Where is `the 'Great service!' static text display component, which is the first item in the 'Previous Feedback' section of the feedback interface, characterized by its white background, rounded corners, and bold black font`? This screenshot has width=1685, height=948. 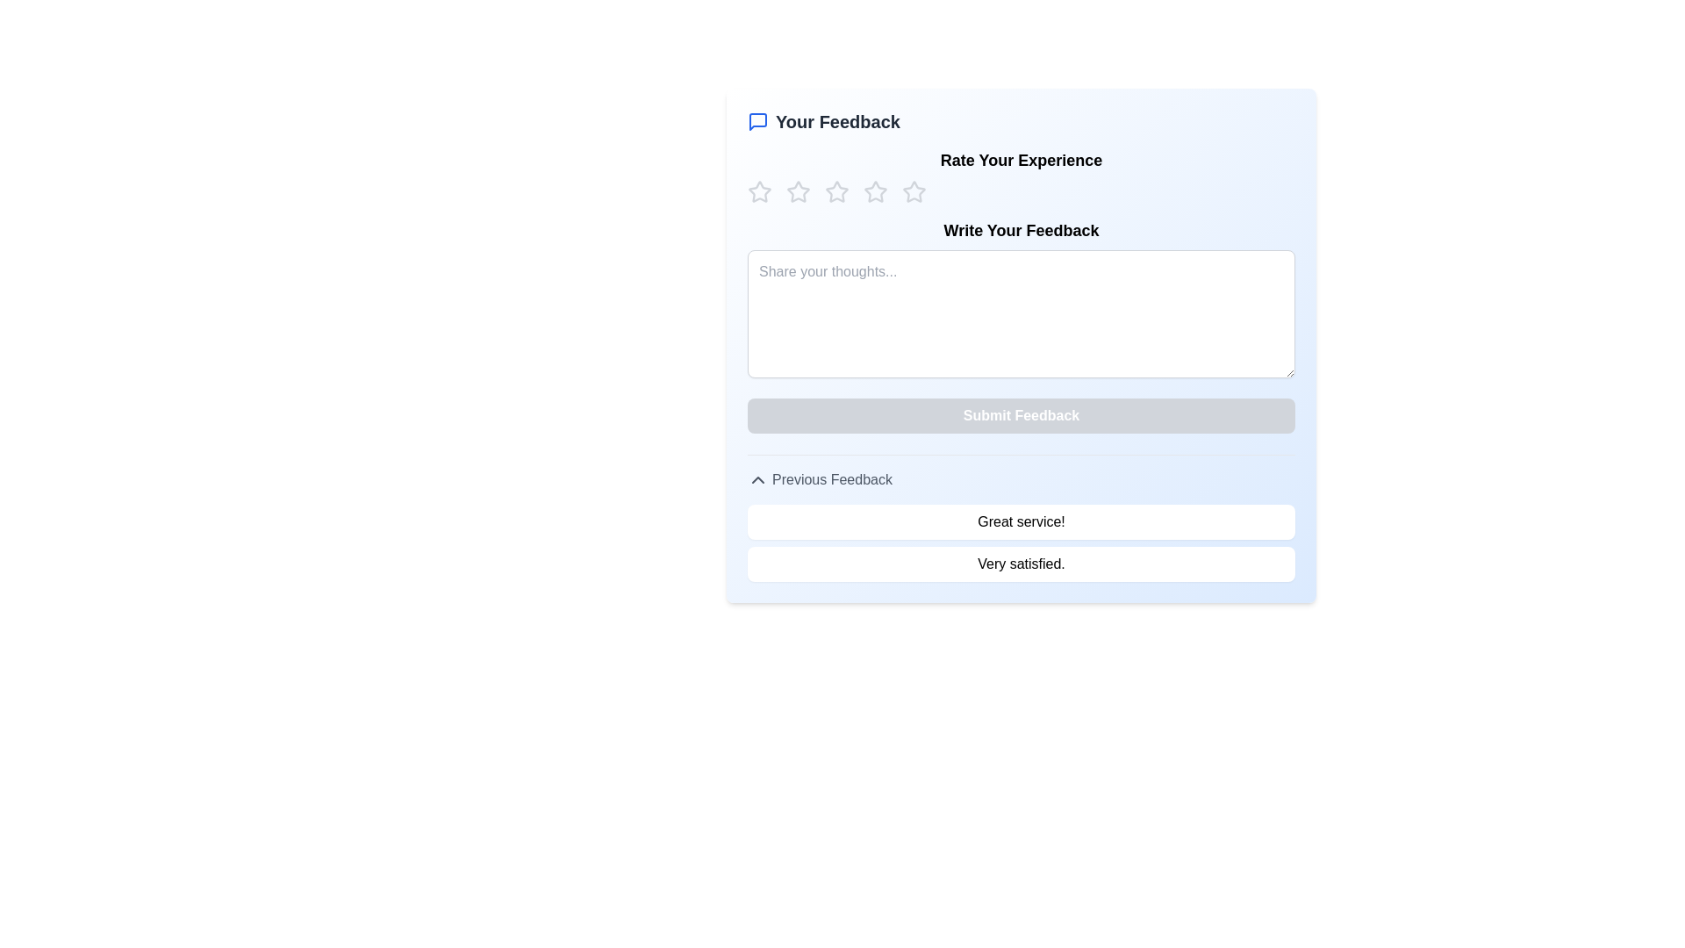
the 'Great service!' static text display component, which is the first item in the 'Previous Feedback' section of the feedback interface, characterized by its white background, rounded corners, and bold black font is located at coordinates (1021, 521).